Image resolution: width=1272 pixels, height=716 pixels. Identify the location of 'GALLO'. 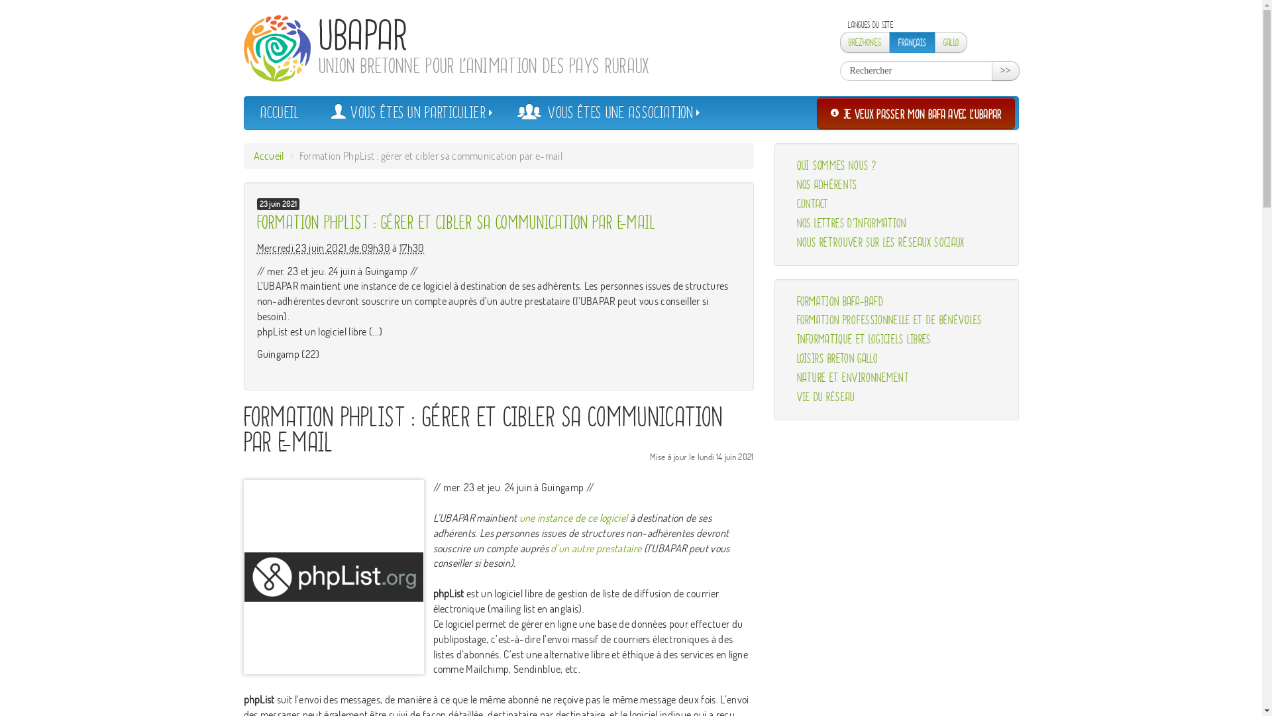
(950, 42).